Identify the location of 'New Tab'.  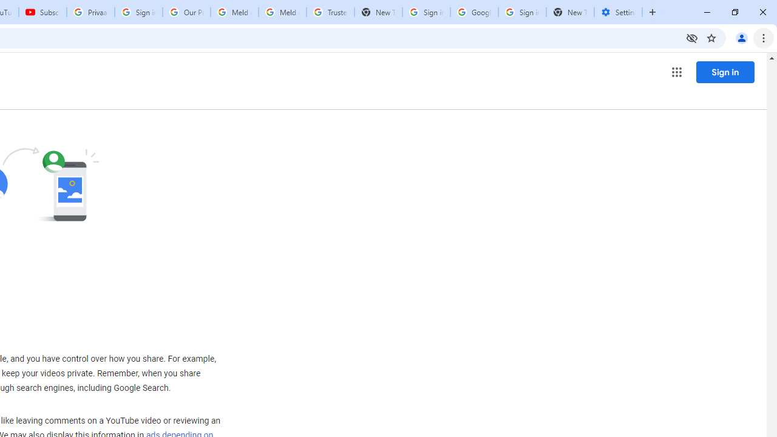
(569, 12).